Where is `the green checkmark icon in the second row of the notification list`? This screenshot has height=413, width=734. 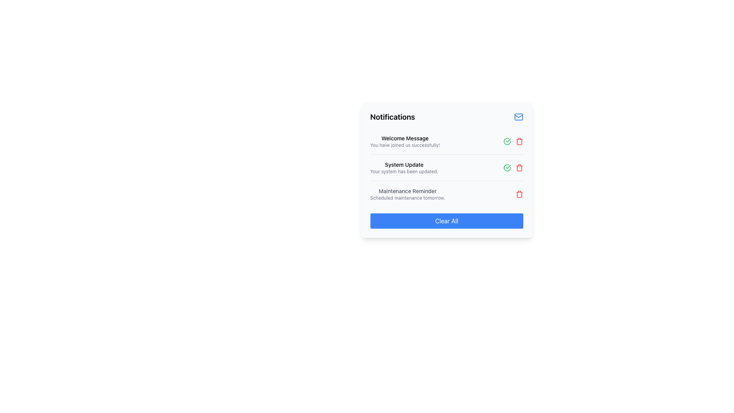
the green checkmark icon in the second row of the notification list is located at coordinates (507, 141).